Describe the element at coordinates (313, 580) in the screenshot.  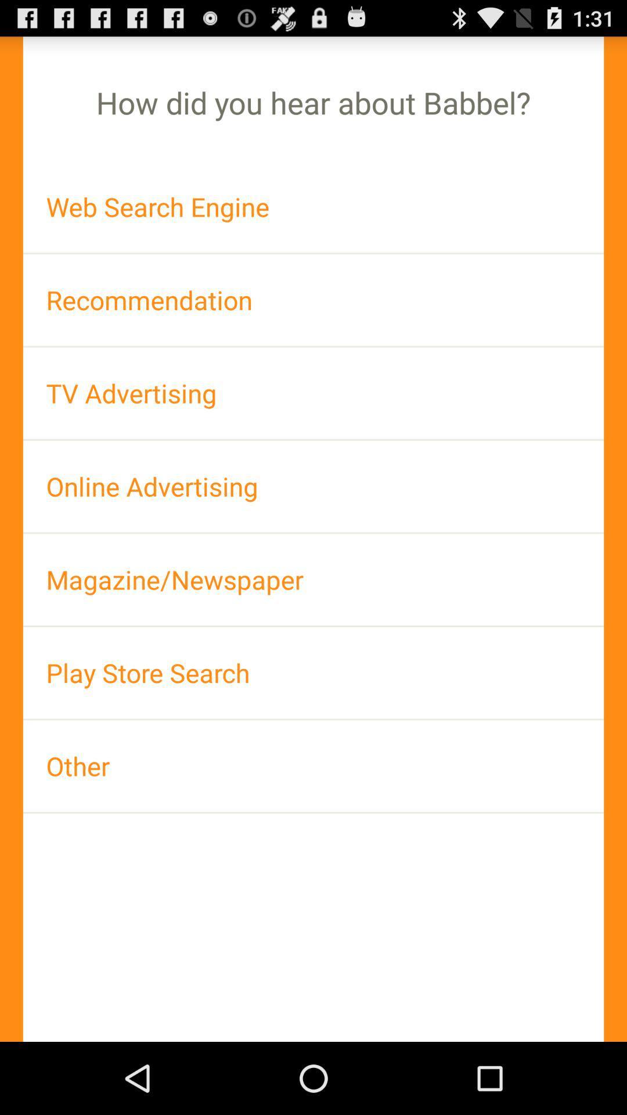
I see `the item below online advertising item` at that location.